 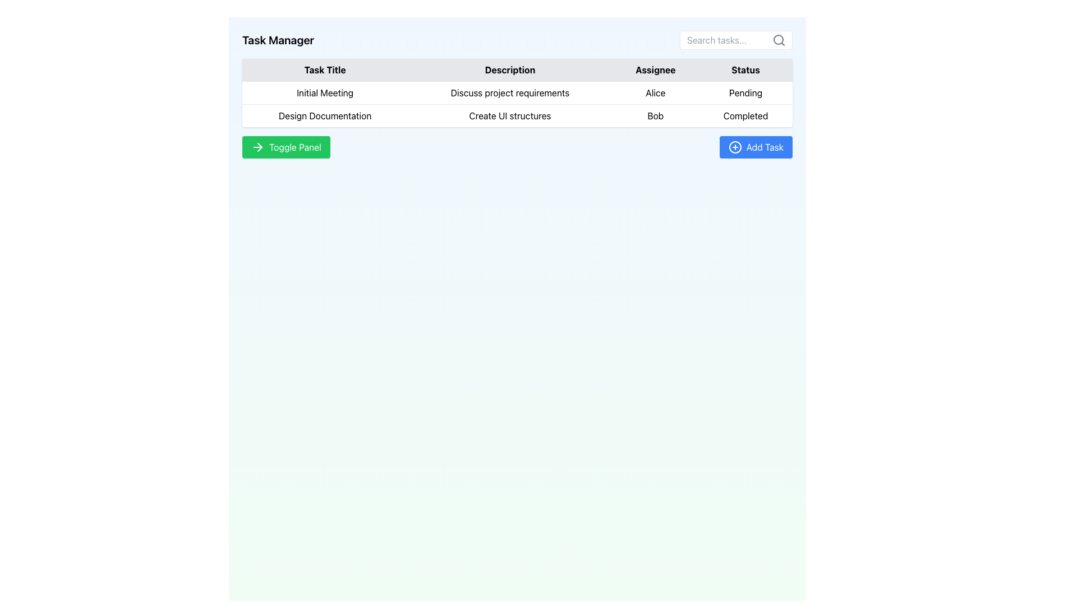 What do you see at coordinates (745, 70) in the screenshot?
I see `the 'Status' text label located in the header row of the table, which is styled with bold and centered text and positioned as the fourth column from the left` at bounding box center [745, 70].